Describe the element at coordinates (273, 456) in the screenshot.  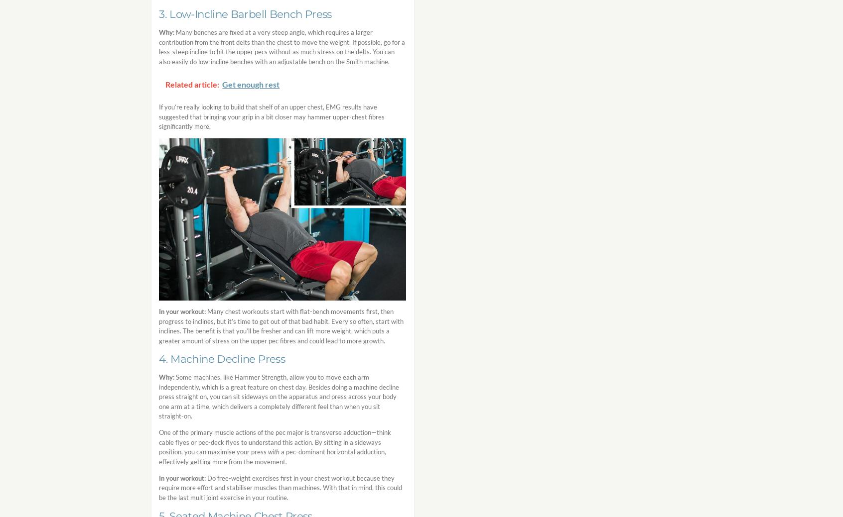
I see `'a pec-dominant horizontal adduction, effectively getting more from the movement.'` at that location.